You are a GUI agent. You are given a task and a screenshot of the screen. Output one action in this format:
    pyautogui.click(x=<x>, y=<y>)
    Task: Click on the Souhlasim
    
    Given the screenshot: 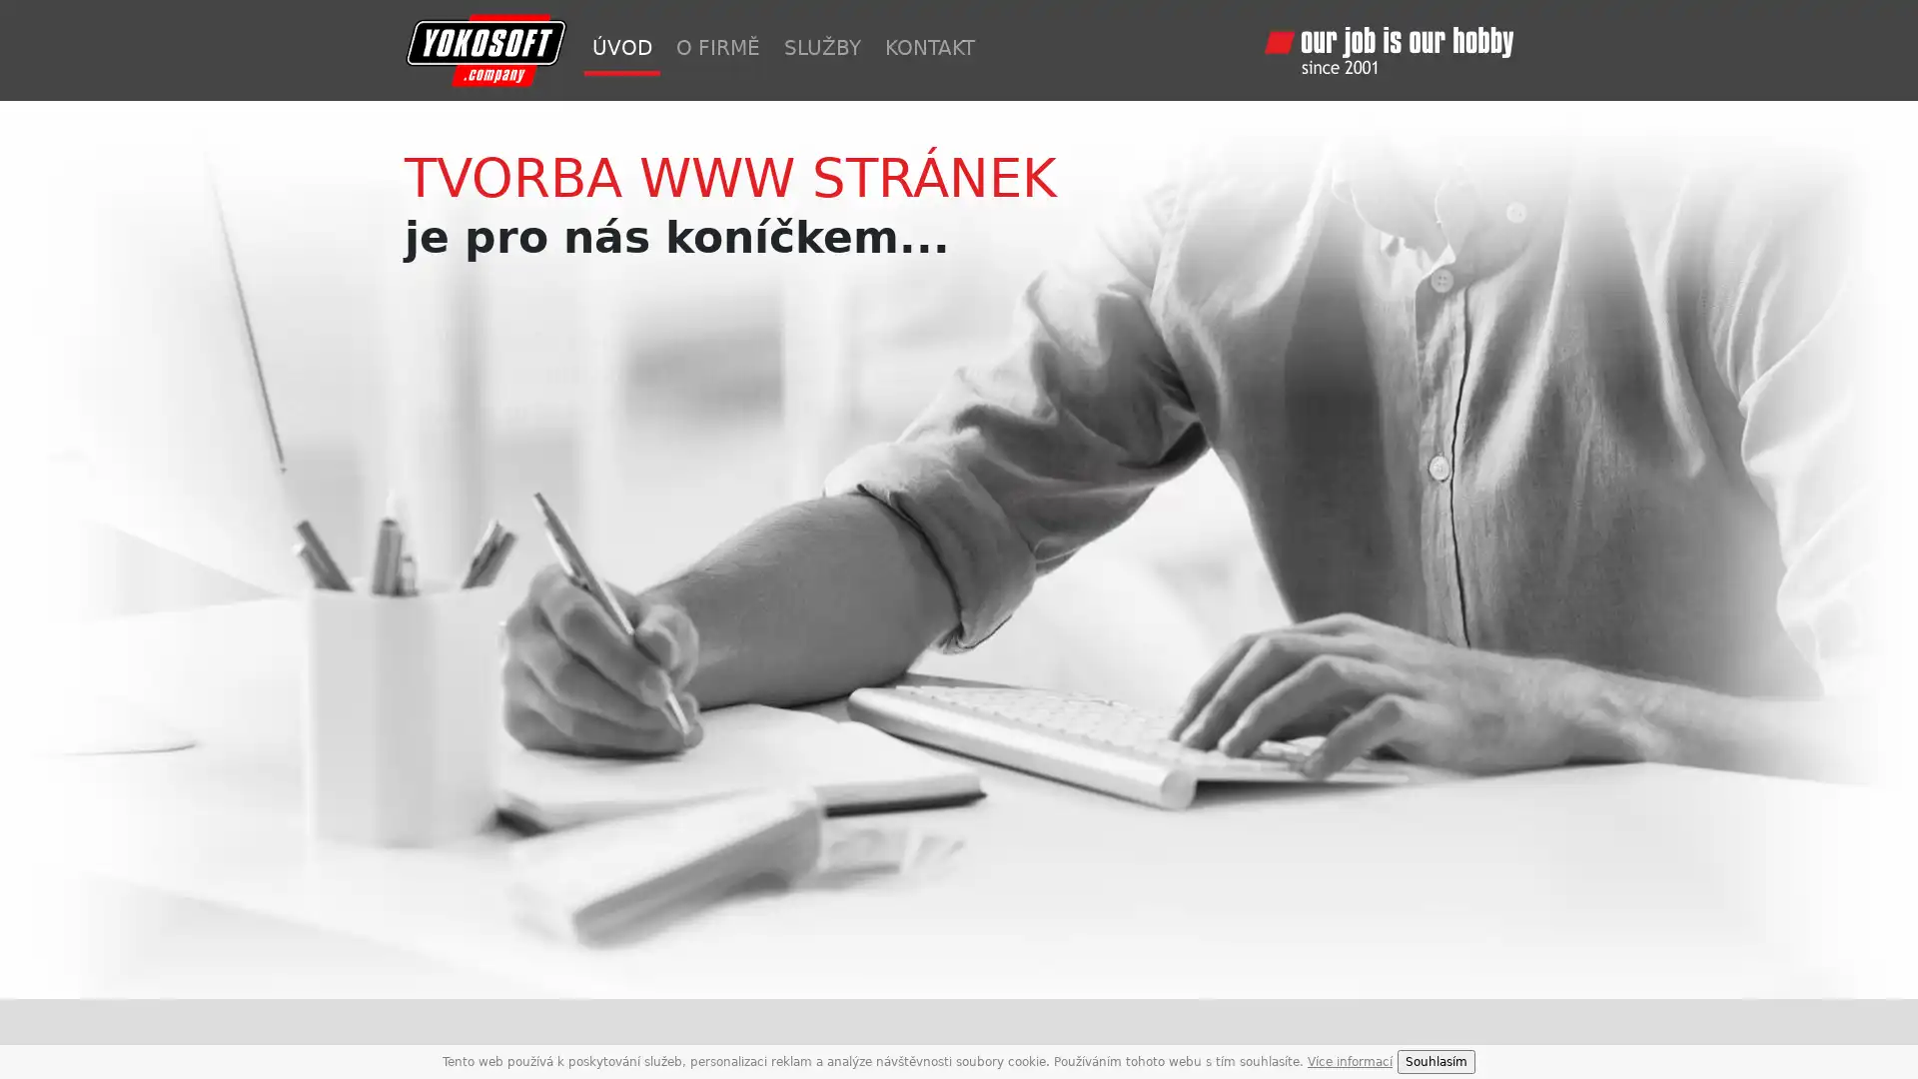 What is the action you would take?
    pyautogui.click(x=1436, y=1061)
    